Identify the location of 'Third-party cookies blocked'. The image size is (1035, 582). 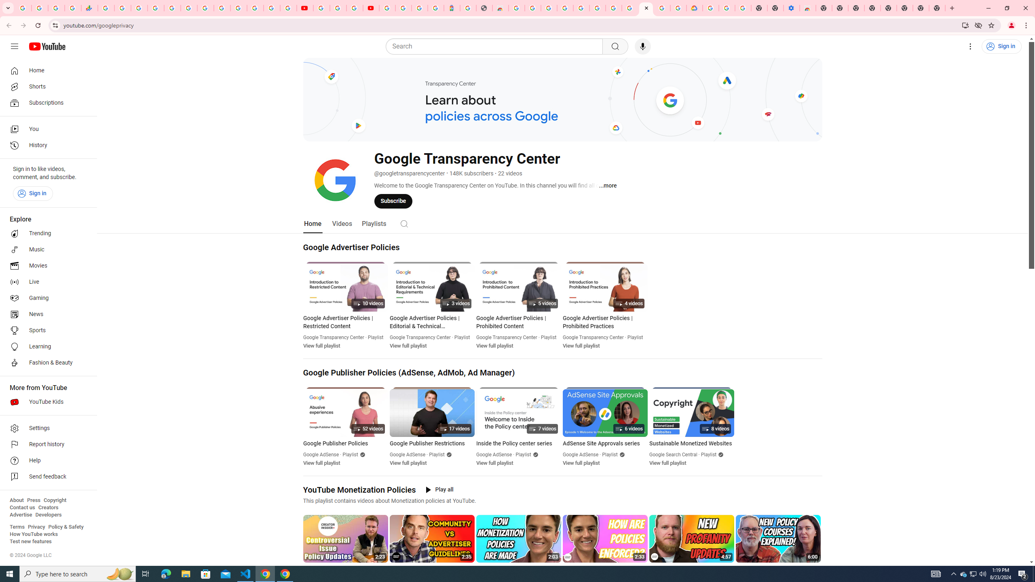
(978, 25).